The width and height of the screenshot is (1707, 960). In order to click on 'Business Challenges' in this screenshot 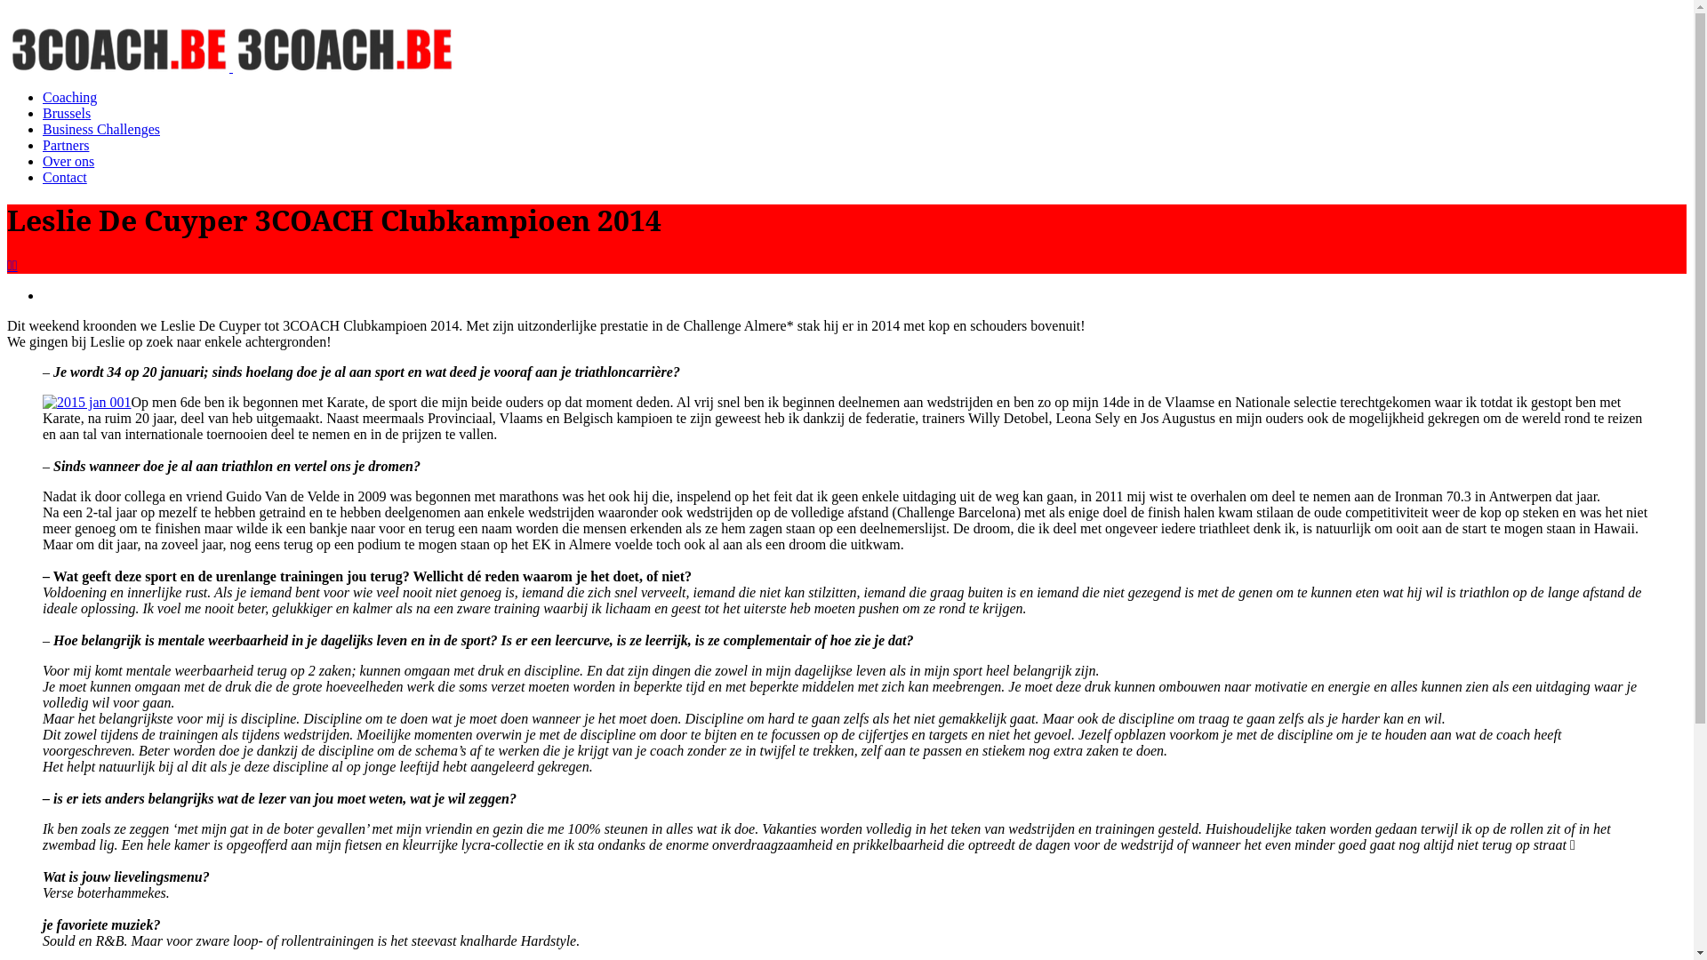, I will do `click(100, 128)`.